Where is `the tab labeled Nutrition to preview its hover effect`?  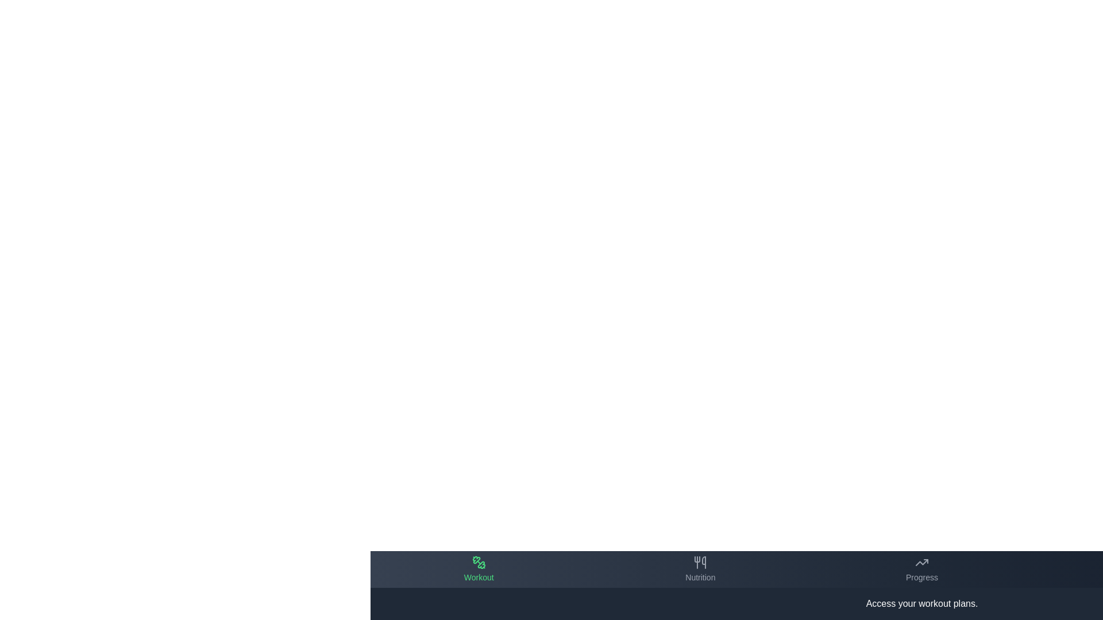
the tab labeled Nutrition to preview its hover effect is located at coordinates (700, 569).